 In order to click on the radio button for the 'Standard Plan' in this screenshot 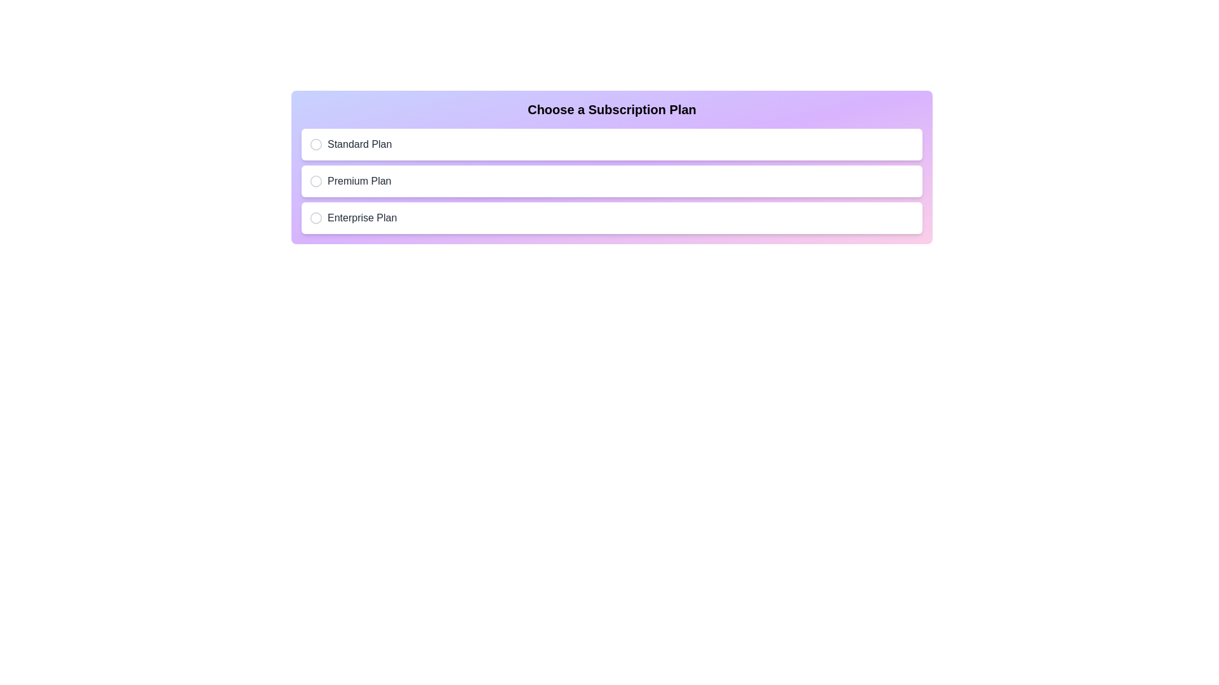, I will do `click(316, 143)`.